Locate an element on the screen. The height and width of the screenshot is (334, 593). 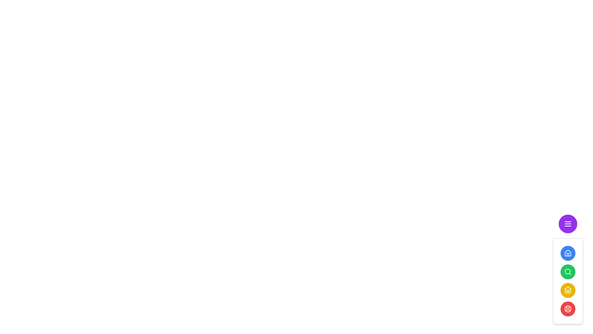
graphical vector shape resembling a tapered layer, which is the bottom-most layer in a set of three stacked layers icons located towards the right side of the interface is located at coordinates (568, 292).